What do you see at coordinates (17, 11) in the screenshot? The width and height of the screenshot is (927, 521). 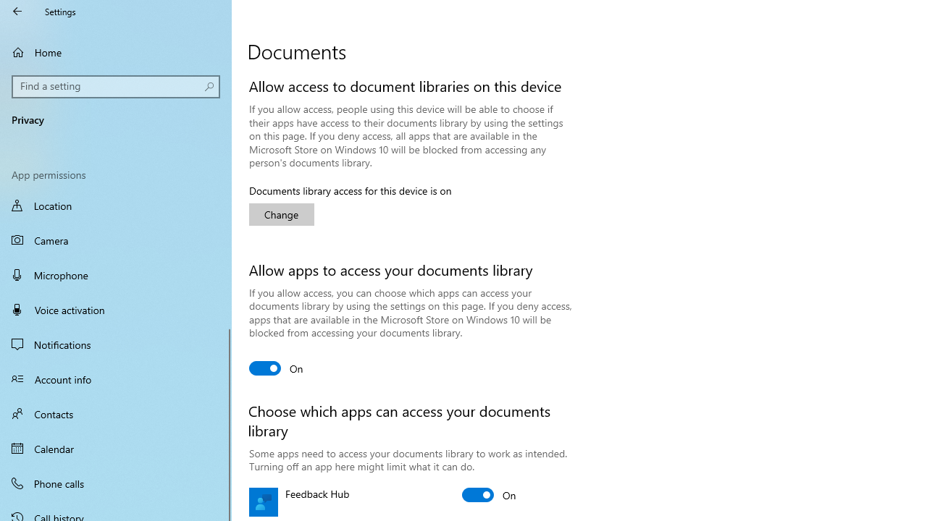 I see `'Back'` at bounding box center [17, 11].